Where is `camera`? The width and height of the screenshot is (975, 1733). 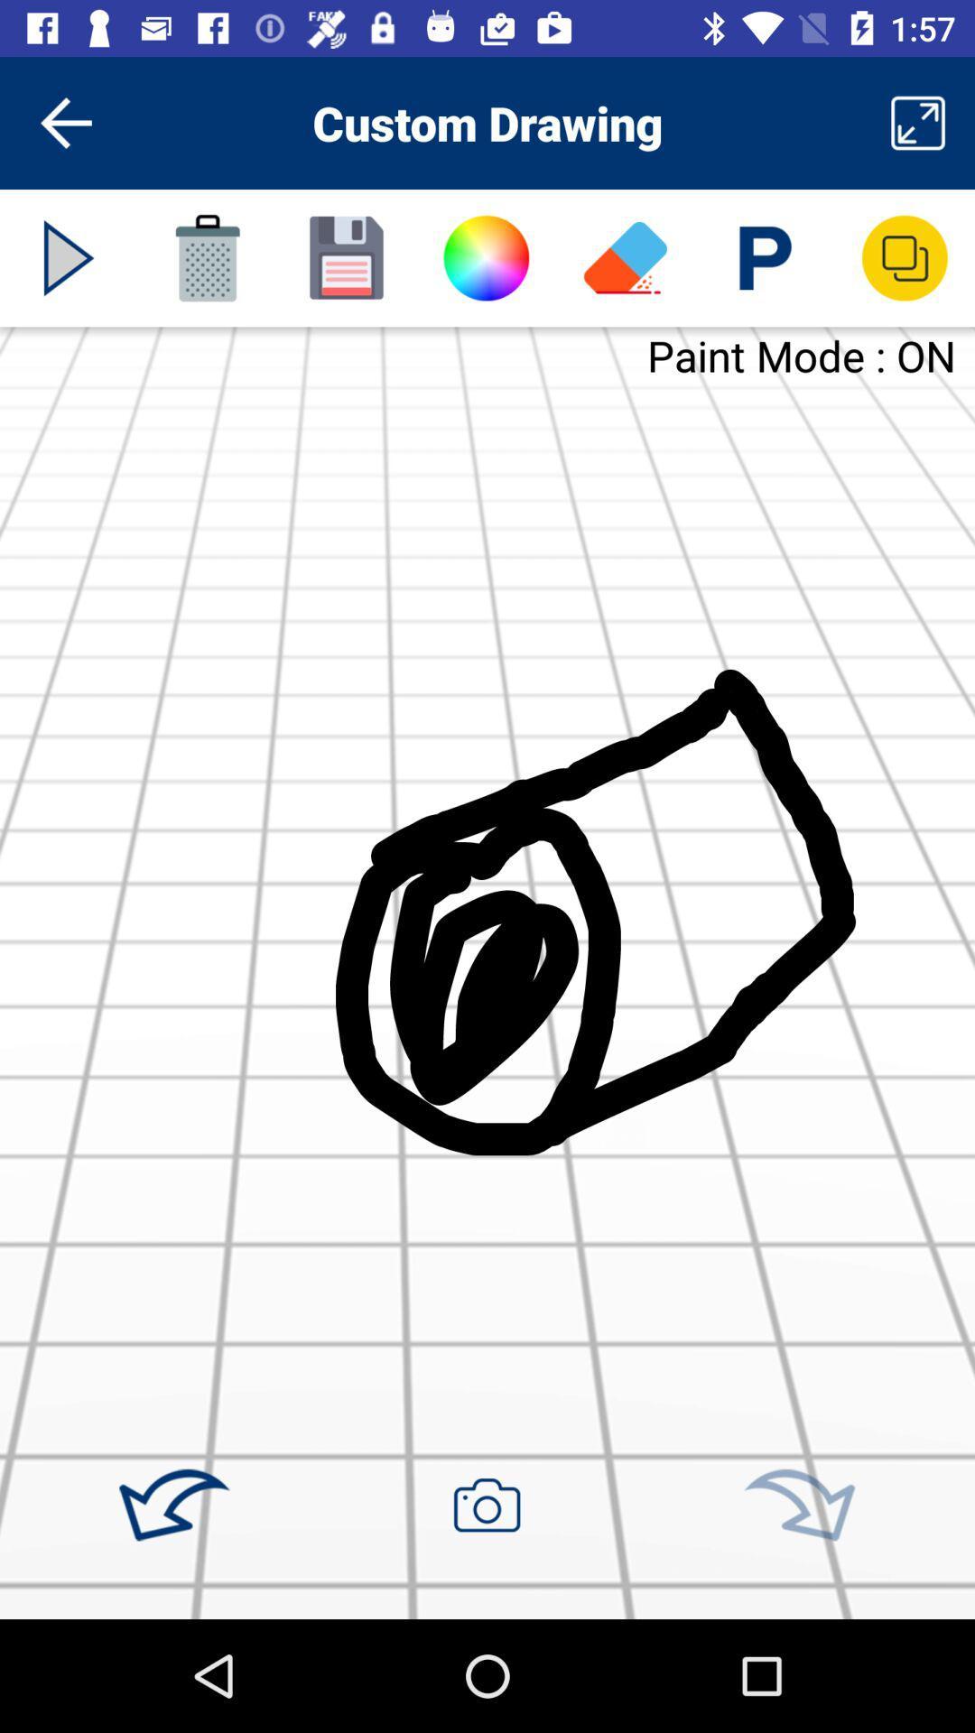
camera is located at coordinates (486, 1505).